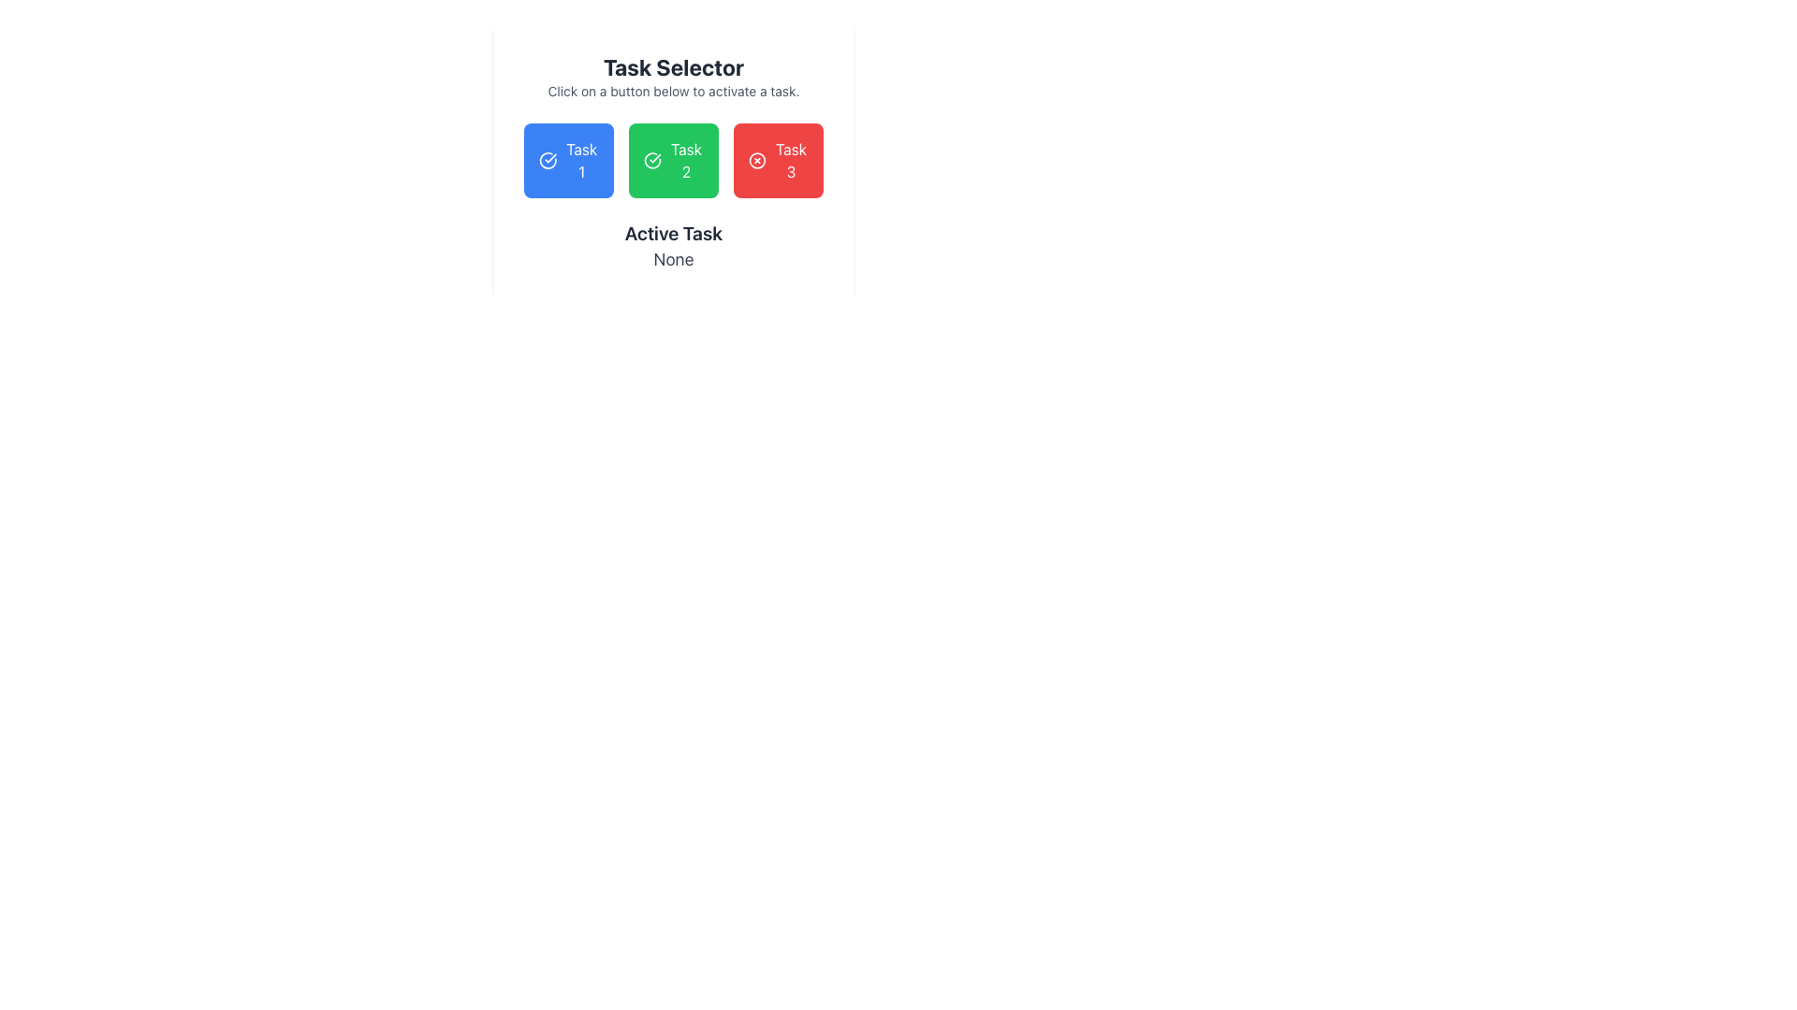 The image size is (1797, 1010). What do you see at coordinates (778, 160) in the screenshot?
I see `the button for 'Task 3' located at the far right of the task selector group for accessibility purposes` at bounding box center [778, 160].